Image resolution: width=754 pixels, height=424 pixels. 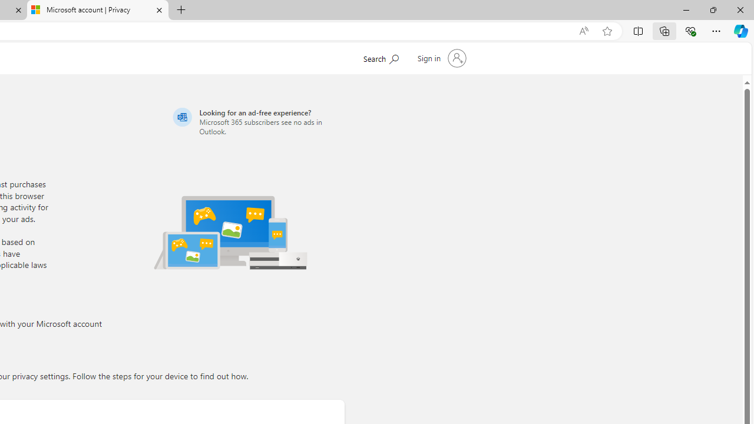 What do you see at coordinates (440, 58) in the screenshot?
I see `'Sign in to your account'` at bounding box center [440, 58].